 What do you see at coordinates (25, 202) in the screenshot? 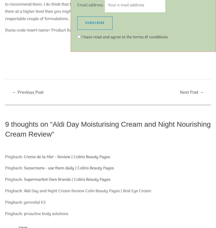
I see `'Pingback: gerovital h3'` at bounding box center [25, 202].